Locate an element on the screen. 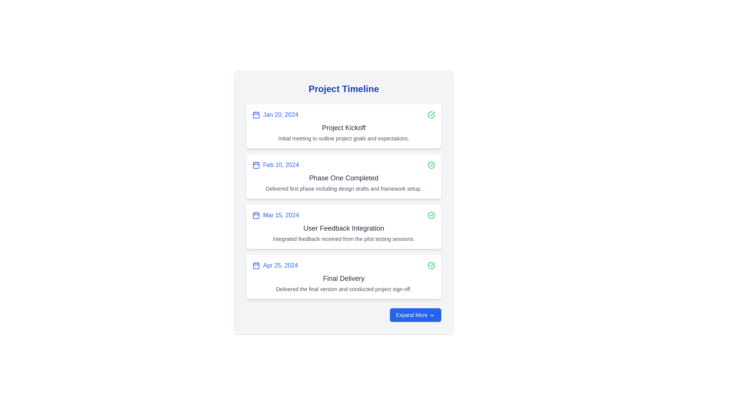 Image resolution: width=731 pixels, height=411 pixels. the green circle icon with a checkmark in the top-right corner of the 'Mar 15, 2024' timeline section is located at coordinates (431, 215).